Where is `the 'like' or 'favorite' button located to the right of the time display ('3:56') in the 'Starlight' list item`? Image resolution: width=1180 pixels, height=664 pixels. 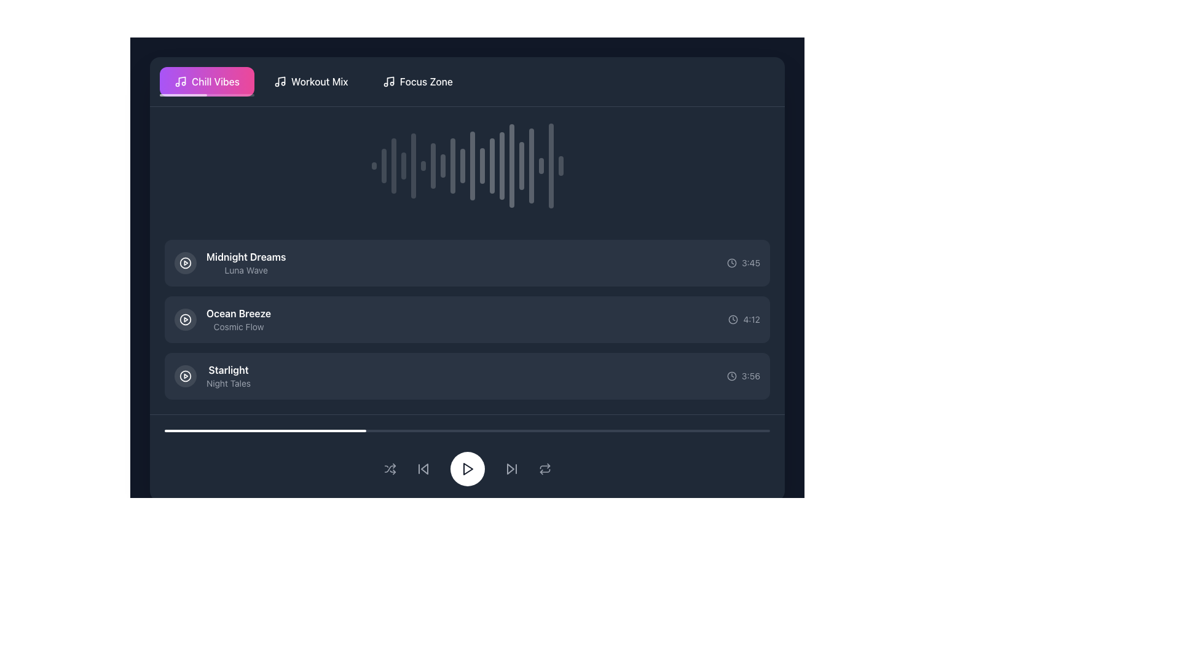
the 'like' or 'favorite' button located to the right of the time display ('3:56') in the 'Starlight' list item is located at coordinates (710, 376).